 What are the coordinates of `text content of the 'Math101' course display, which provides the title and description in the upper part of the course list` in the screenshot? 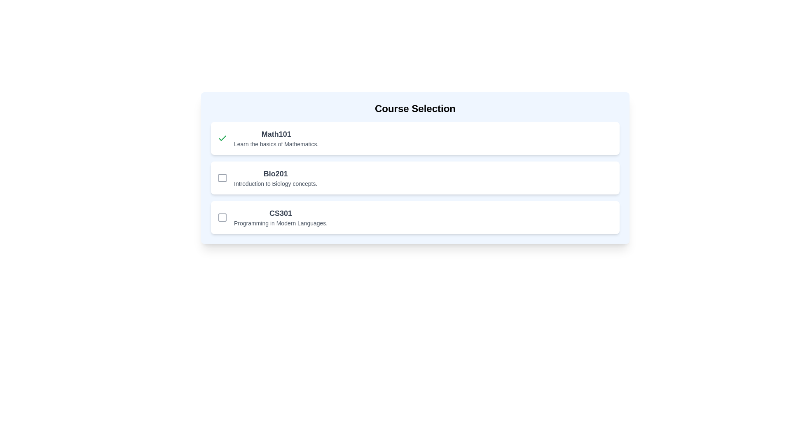 It's located at (276, 138).